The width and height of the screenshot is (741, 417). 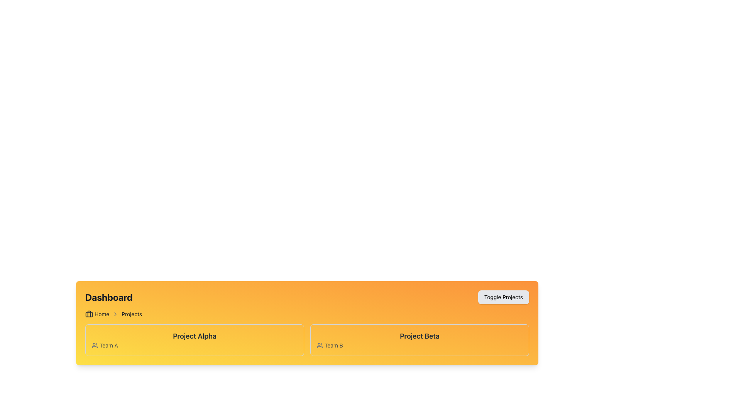 I want to click on the right-pointing gray arrow icon in the breadcrumb navigation located between 'Home' and 'Projects', so click(x=115, y=314).